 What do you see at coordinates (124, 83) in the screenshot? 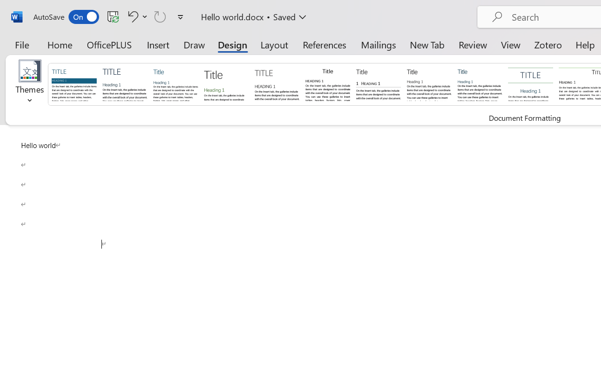
I see `'Basic (Elegant)'` at bounding box center [124, 83].